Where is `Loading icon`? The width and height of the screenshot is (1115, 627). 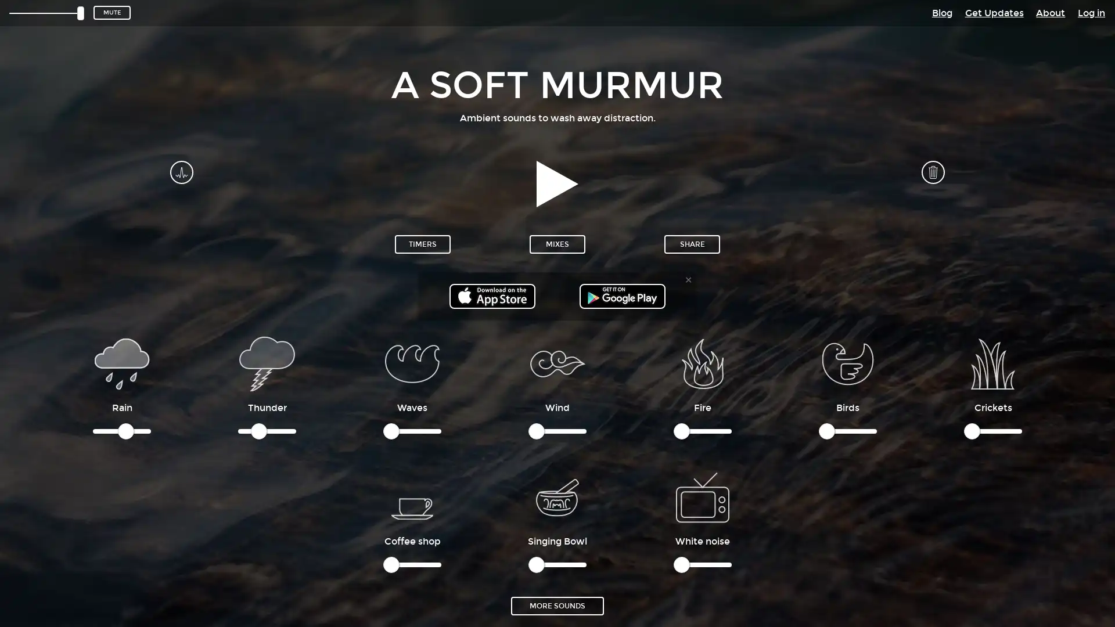
Loading icon is located at coordinates (412, 496).